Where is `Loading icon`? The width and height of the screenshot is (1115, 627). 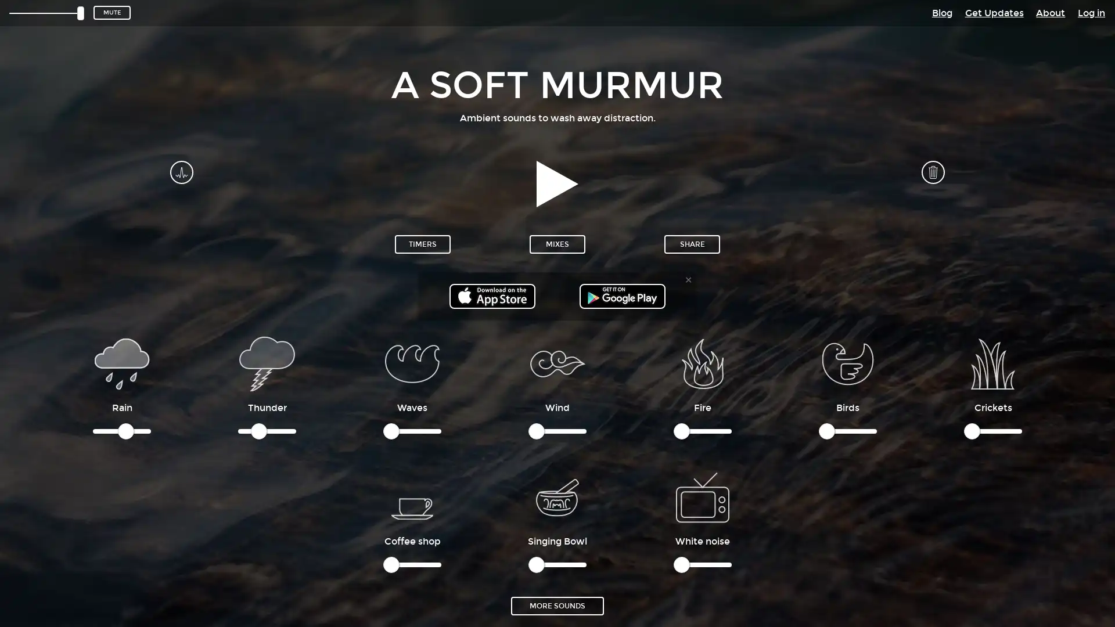
Loading icon is located at coordinates (412, 496).